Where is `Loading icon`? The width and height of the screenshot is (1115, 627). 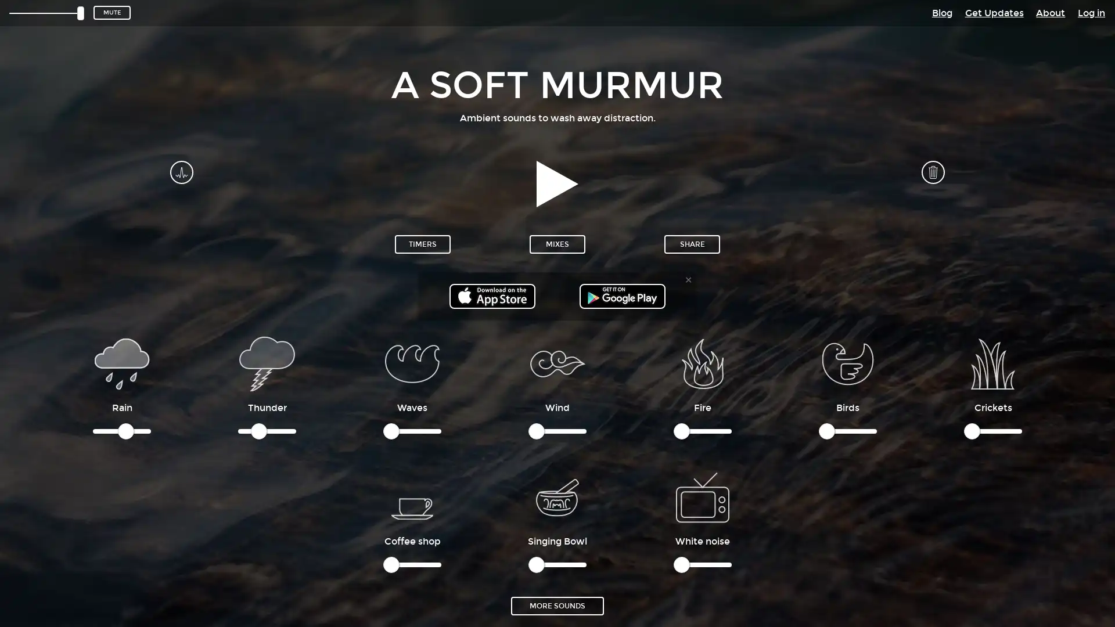
Loading icon is located at coordinates (412, 496).